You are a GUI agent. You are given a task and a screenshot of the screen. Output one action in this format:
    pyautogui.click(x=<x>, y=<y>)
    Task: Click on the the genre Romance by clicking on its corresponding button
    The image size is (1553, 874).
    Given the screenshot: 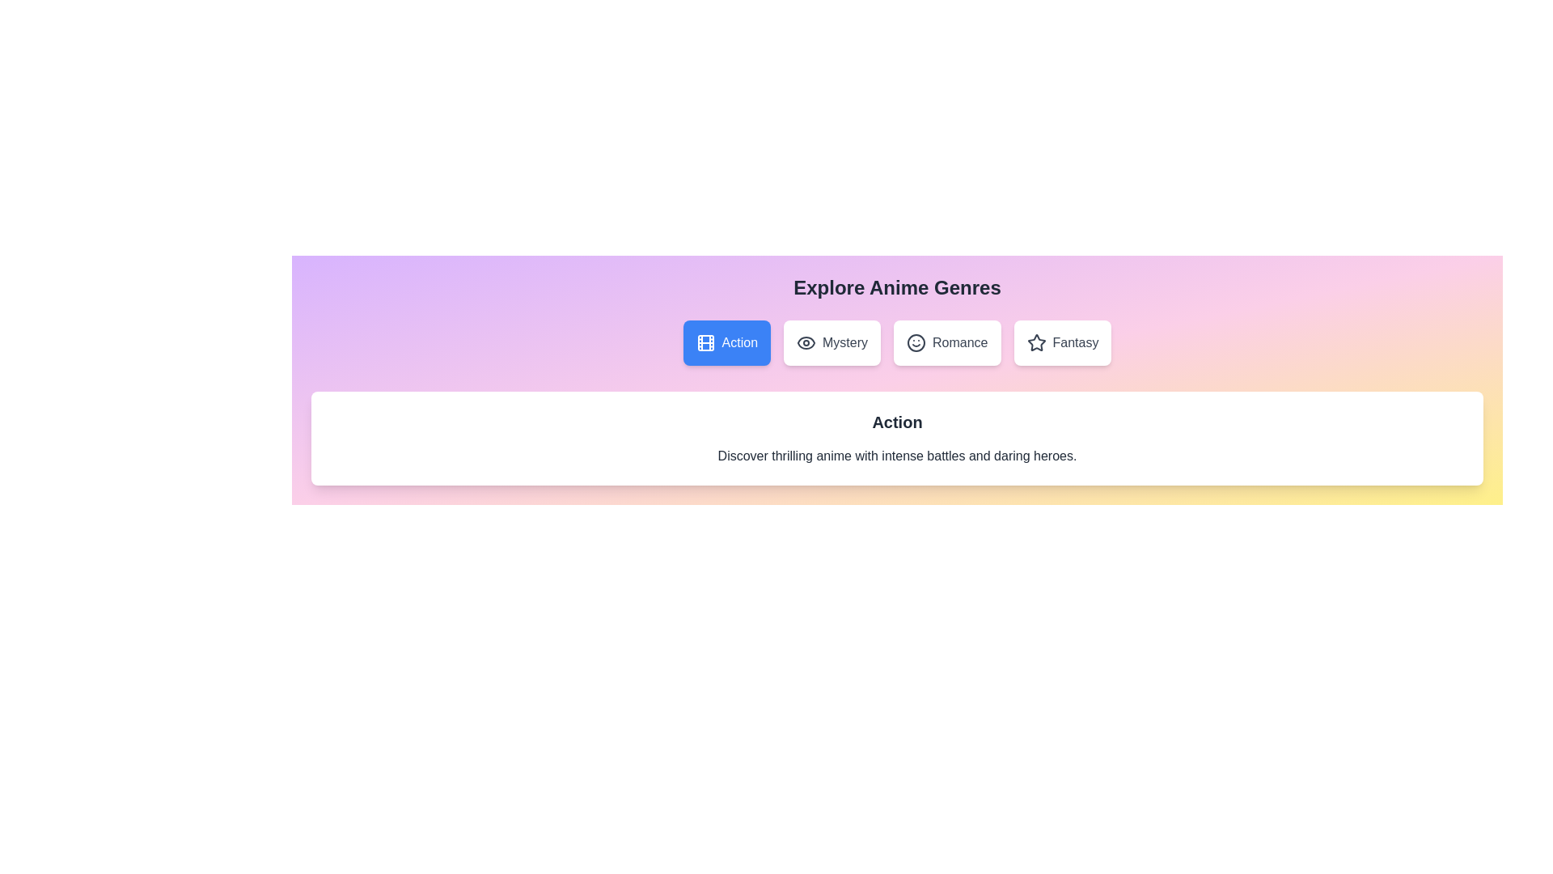 What is the action you would take?
    pyautogui.click(x=947, y=342)
    